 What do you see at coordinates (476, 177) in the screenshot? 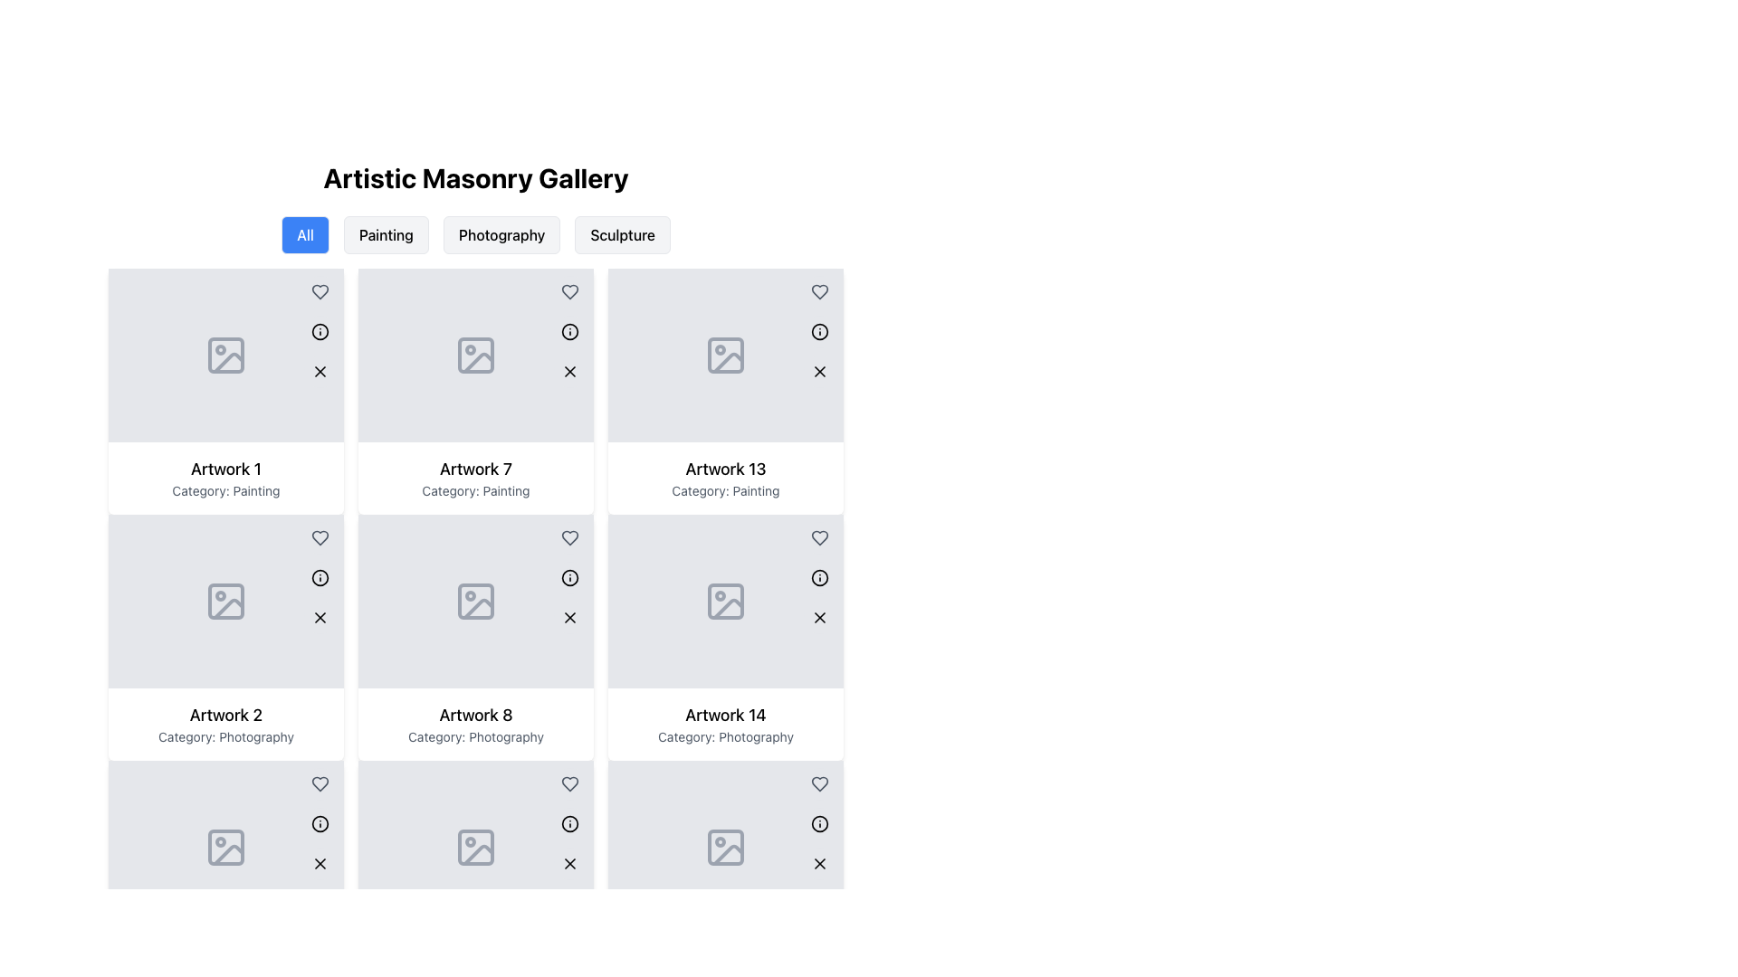
I see `text content of the prominent title 'Artistic Masonry Gallery' displayed in a bold and large font at the top center of the interface` at bounding box center [476, 177].